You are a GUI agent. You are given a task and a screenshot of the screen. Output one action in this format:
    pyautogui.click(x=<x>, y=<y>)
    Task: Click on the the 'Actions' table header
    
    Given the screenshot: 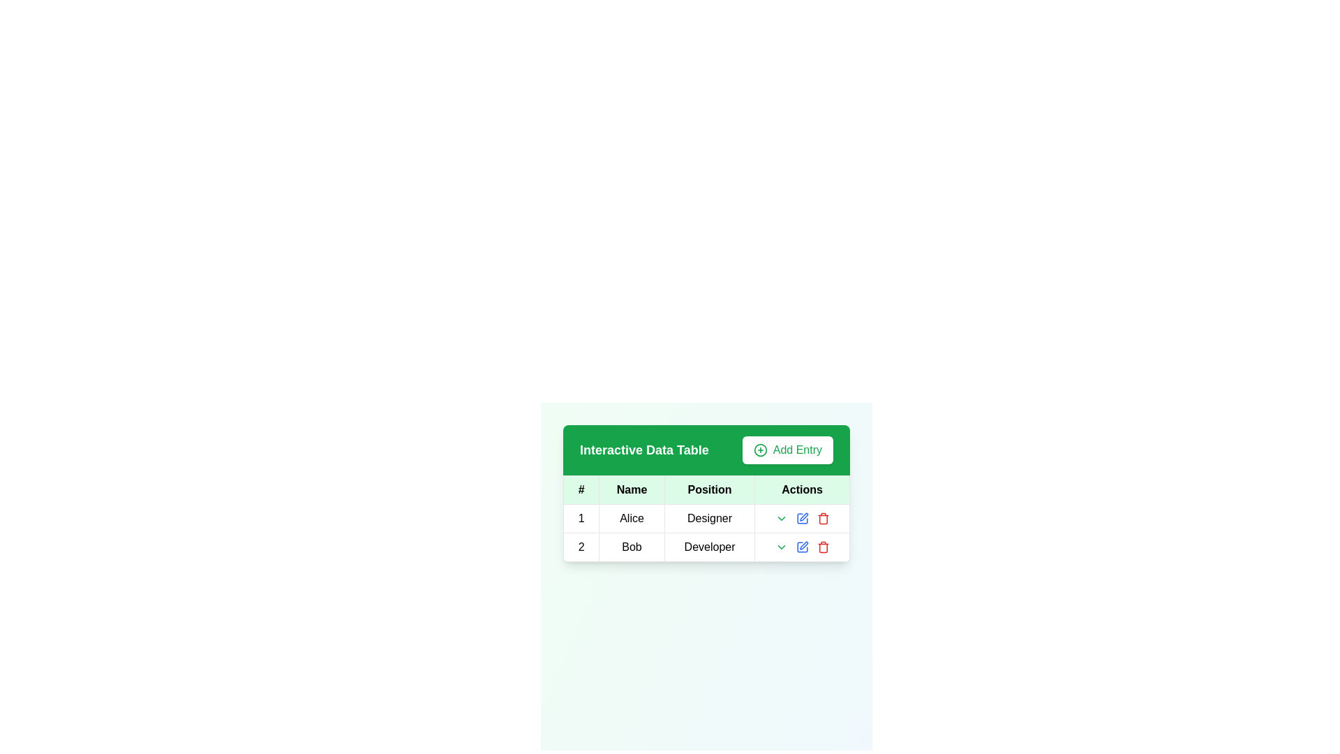 What is the action you would take?
    pyautogui.click(x=802, y=489)
    